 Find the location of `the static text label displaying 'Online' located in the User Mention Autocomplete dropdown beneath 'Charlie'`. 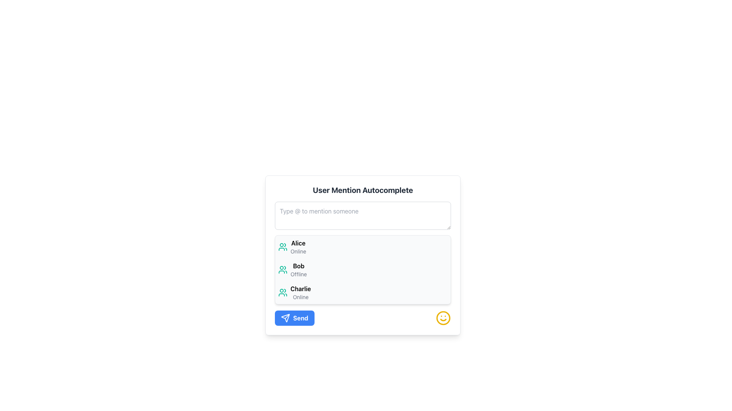

the static text label displaying 'Online' located in the User Mention Autocomplete dropdown beneath 'Charlie' is located at coordinates (300, 296).